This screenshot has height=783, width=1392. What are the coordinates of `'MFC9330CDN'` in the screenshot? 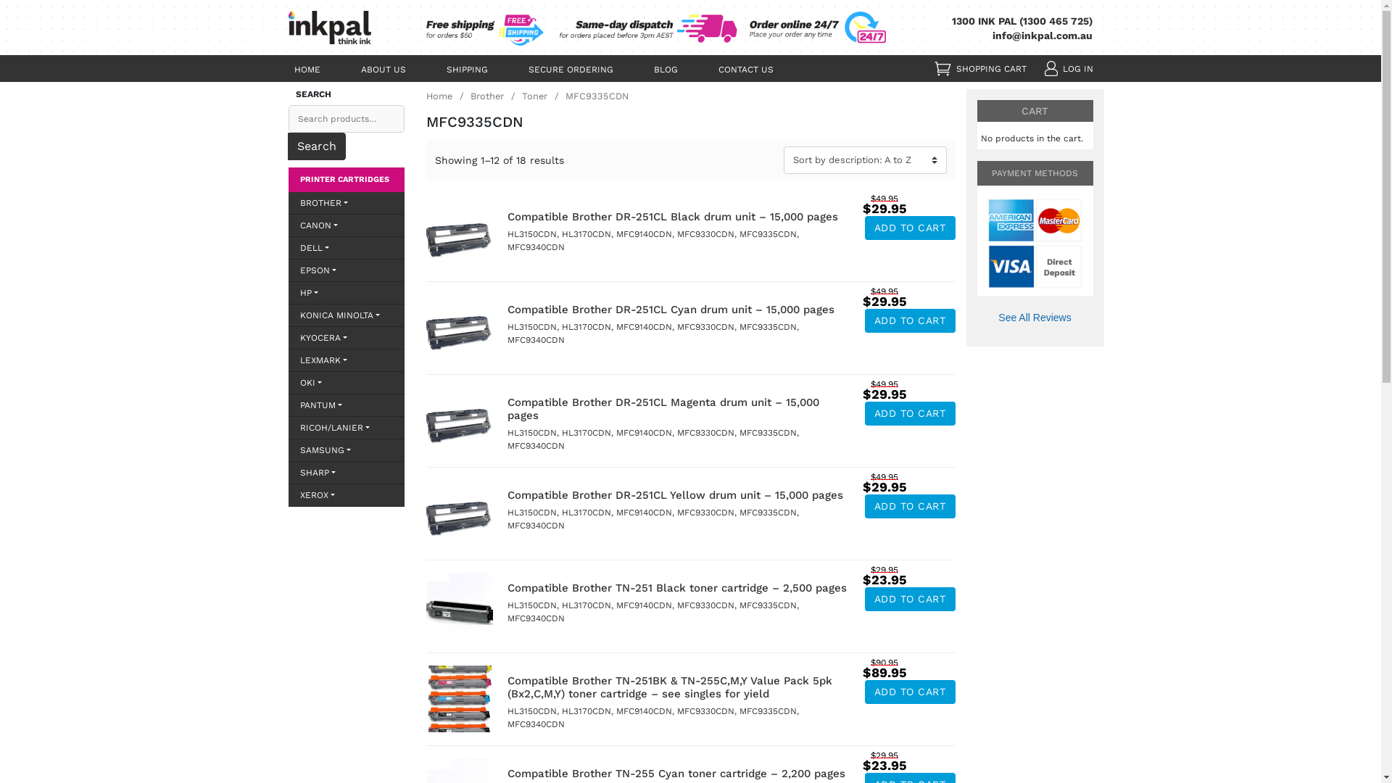 It's located at (705, 233).